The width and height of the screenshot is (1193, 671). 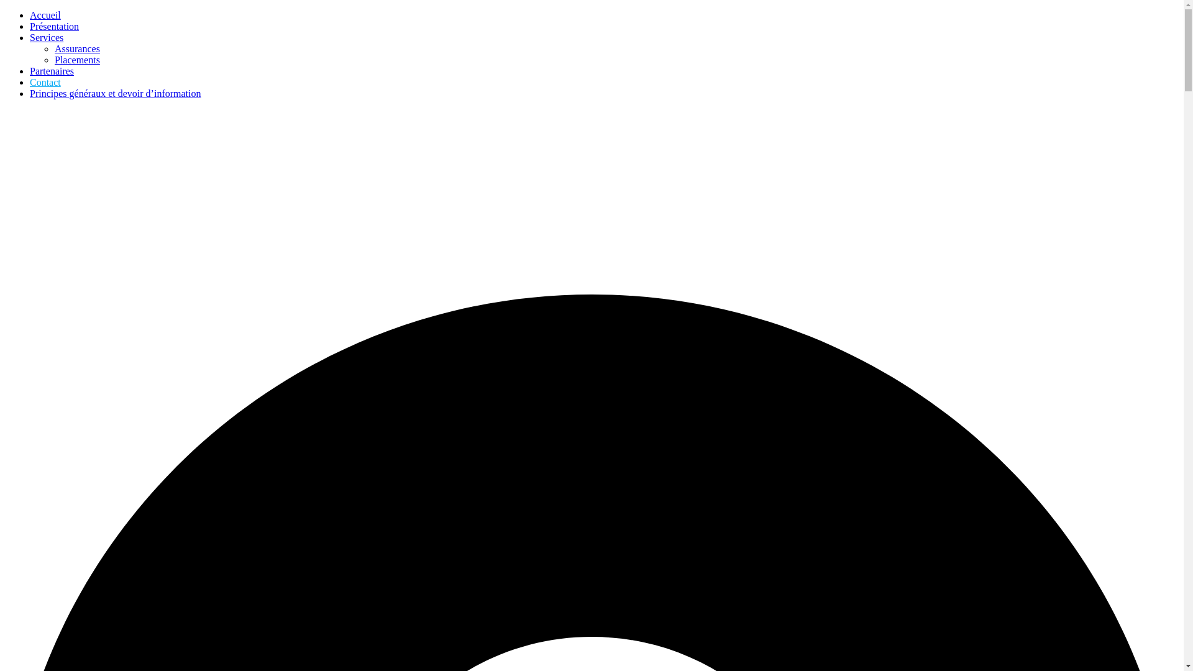 What do you see at coordinates (76, 48) in the screenshot?
I see `'Assurances'` at bounding box center [76, 48].